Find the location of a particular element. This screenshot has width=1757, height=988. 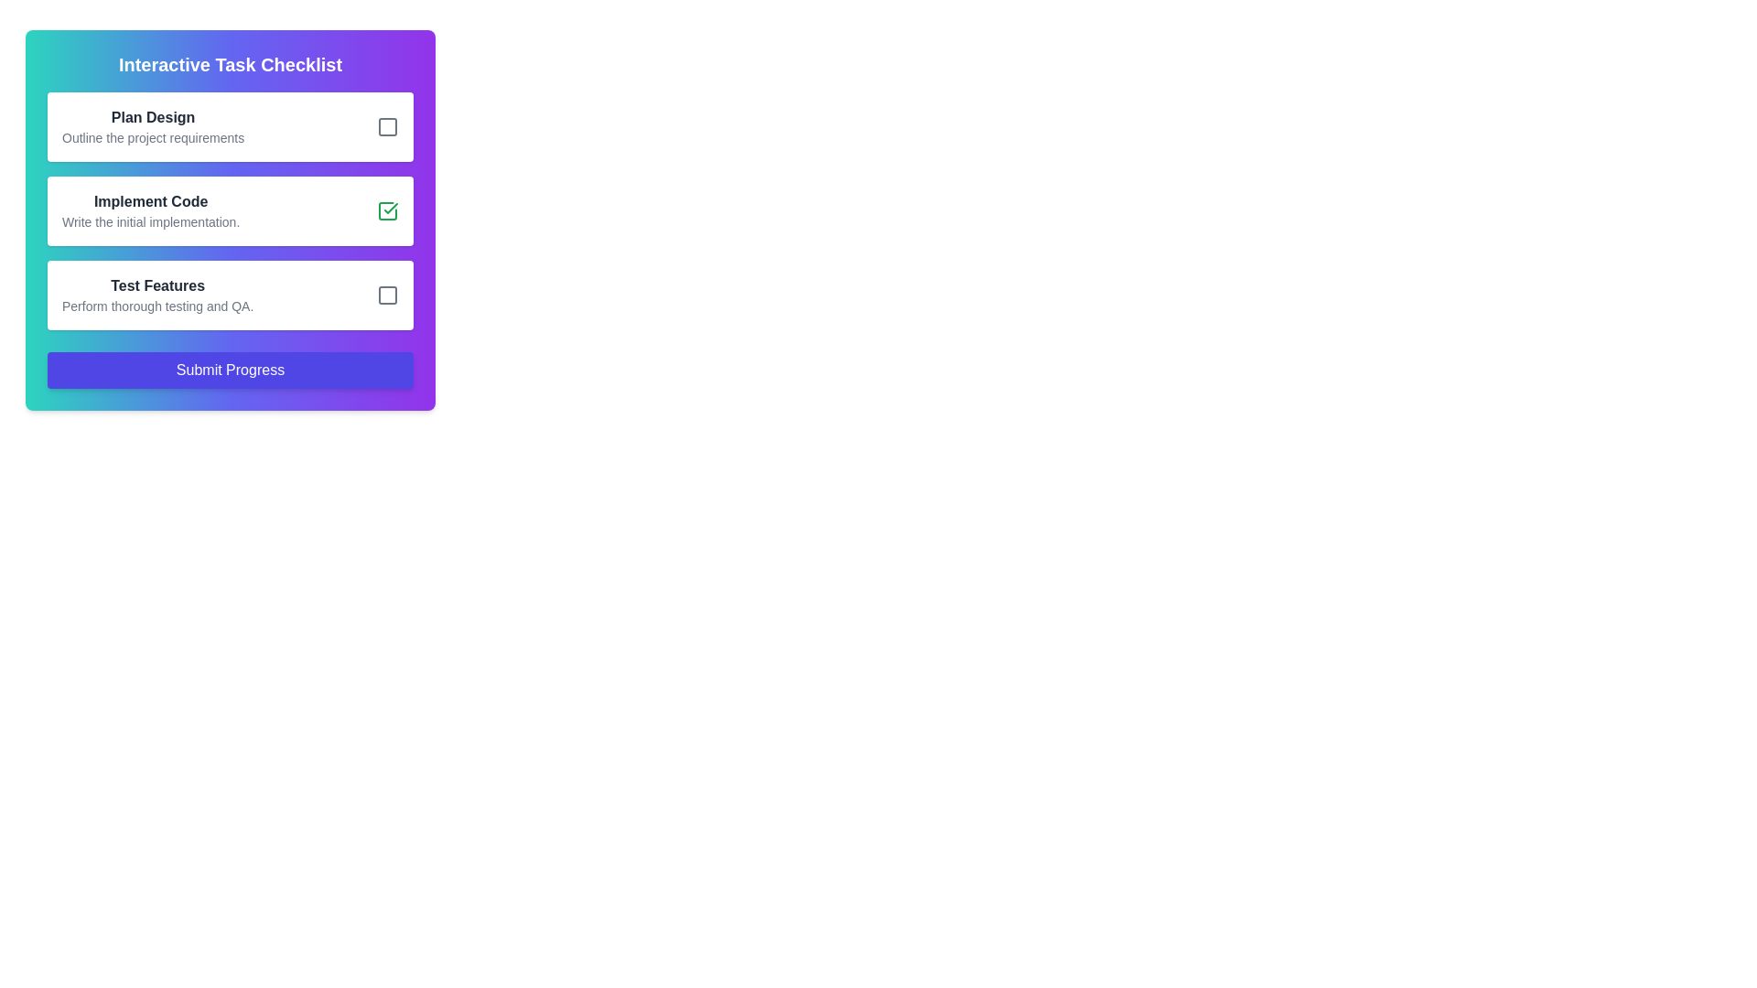

the checklist item text is located at coordinates (230, 210).